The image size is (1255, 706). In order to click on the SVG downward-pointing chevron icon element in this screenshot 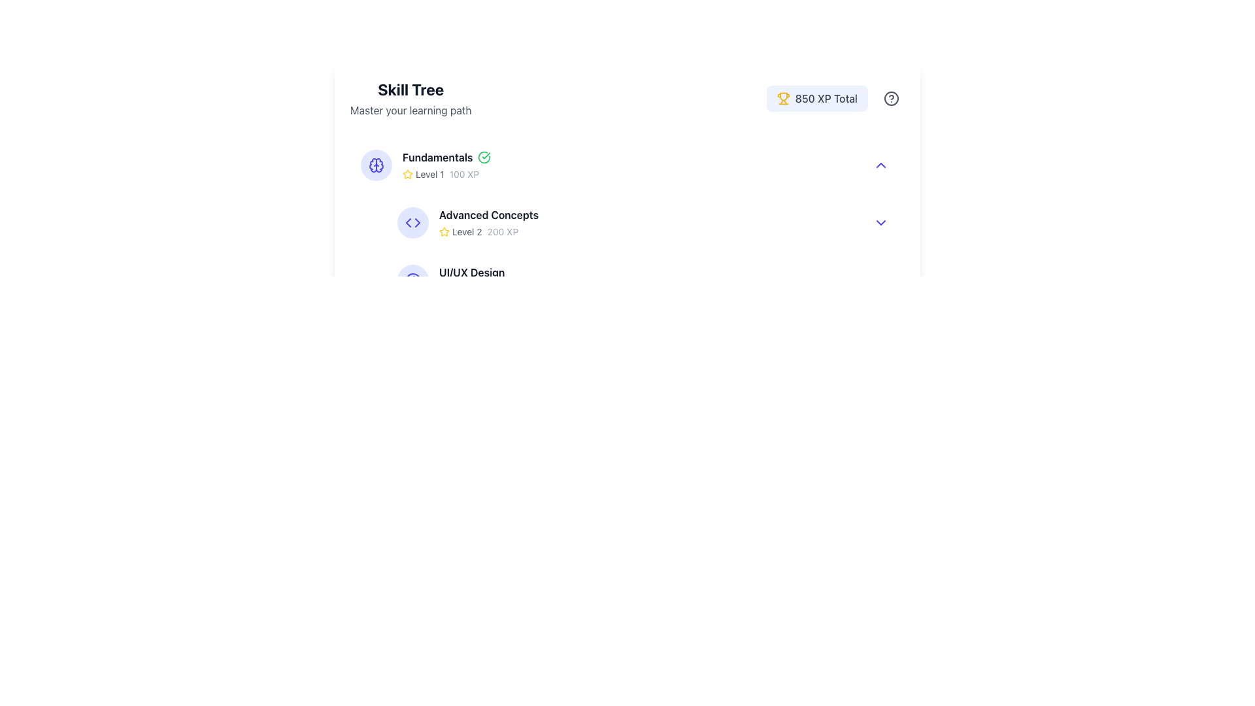, I will do `click(881, 222)`.